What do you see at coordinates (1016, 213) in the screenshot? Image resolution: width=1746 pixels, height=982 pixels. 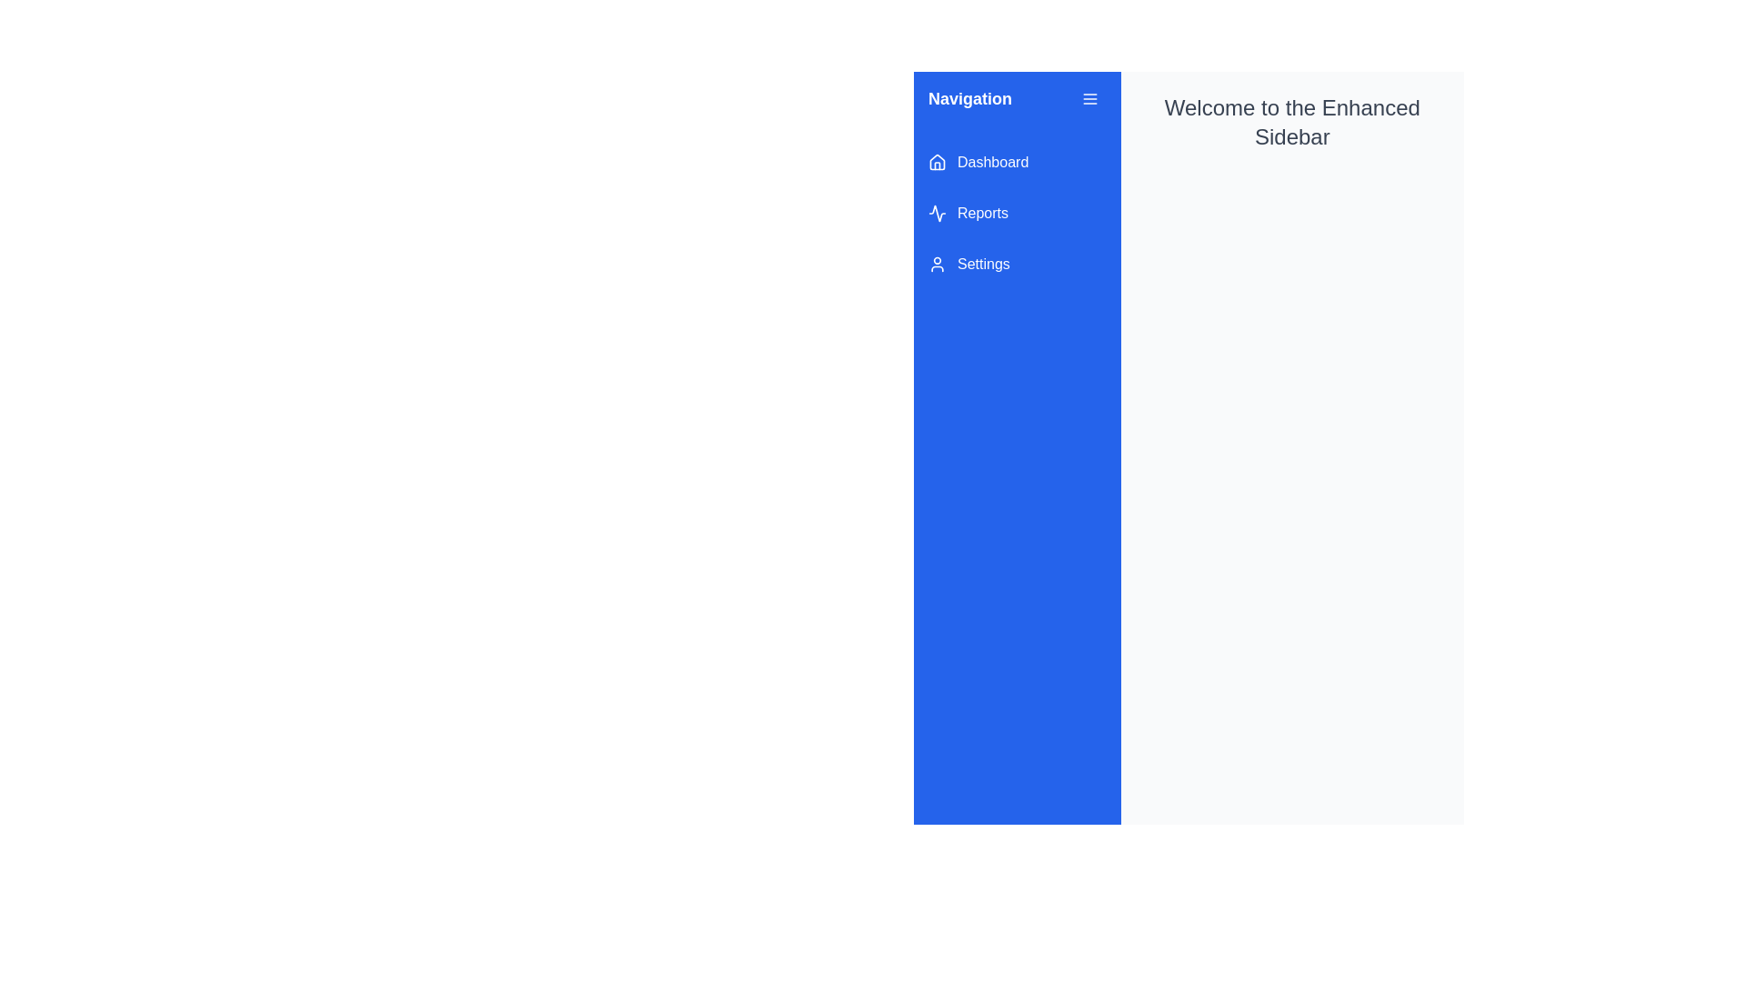 I see `the 'Reports' entry in the vertical navigation menu, which is a list with a blue background, containing entries for 'Dashboard', 'Reports', and 'Settings'` at bounding box center [1016, 213].